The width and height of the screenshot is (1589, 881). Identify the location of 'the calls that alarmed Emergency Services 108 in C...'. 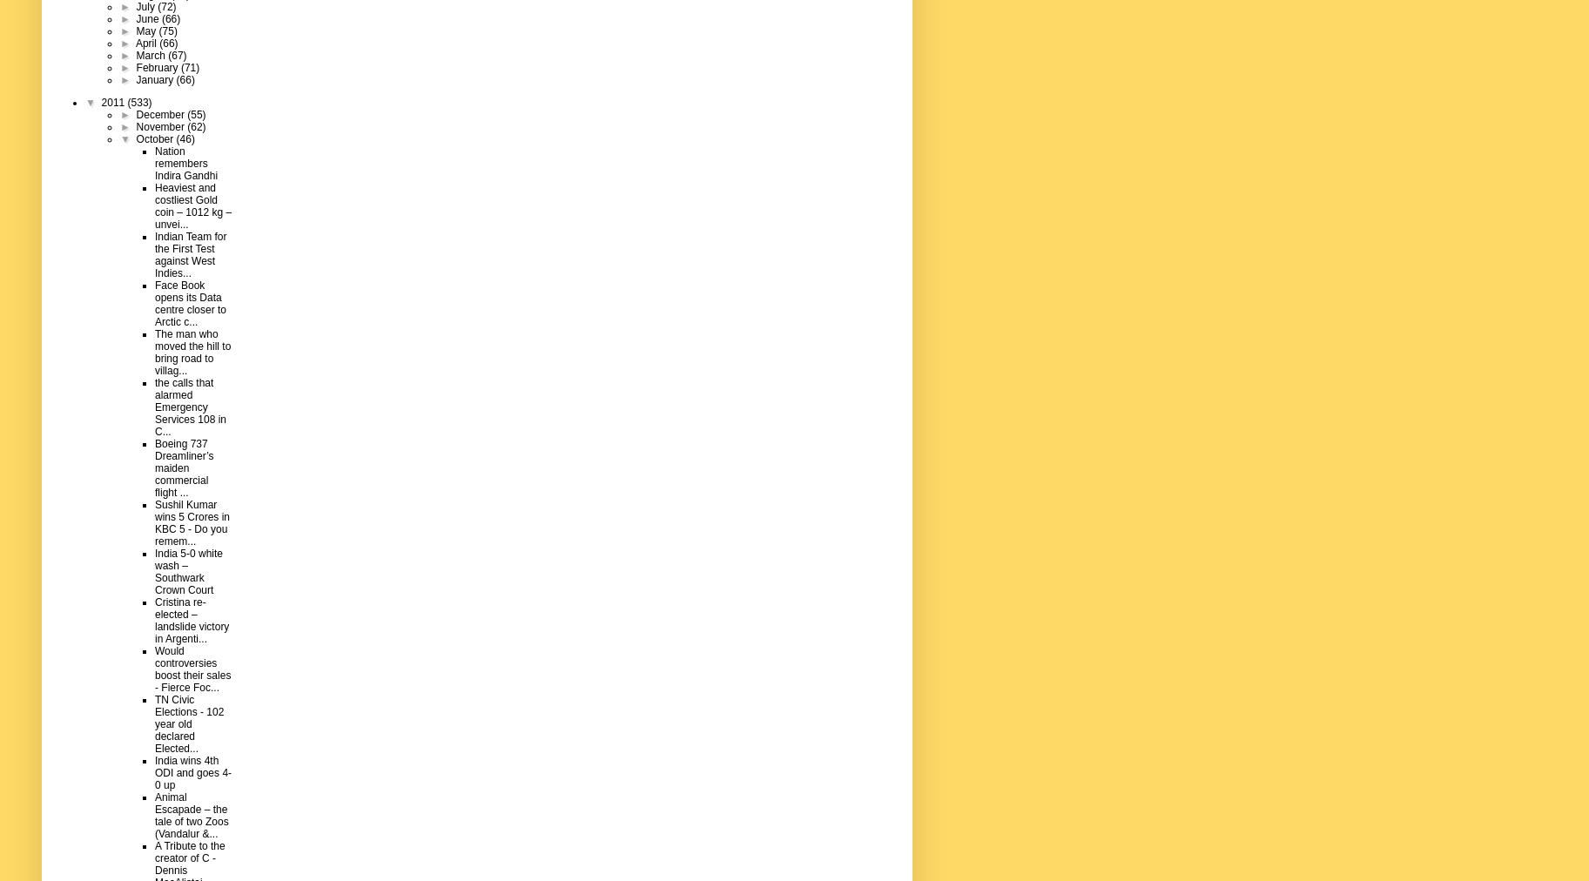
(191, 407).